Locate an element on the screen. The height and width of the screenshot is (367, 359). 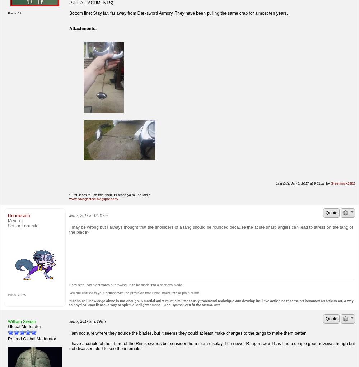
'this' is located at coordinates (145, 194).